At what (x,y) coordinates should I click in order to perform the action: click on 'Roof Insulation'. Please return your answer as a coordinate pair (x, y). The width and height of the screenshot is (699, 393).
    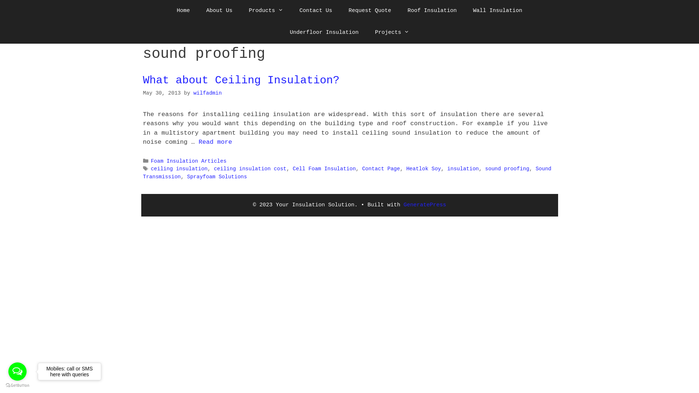
    Looking at the image, I should click on (432, 11).